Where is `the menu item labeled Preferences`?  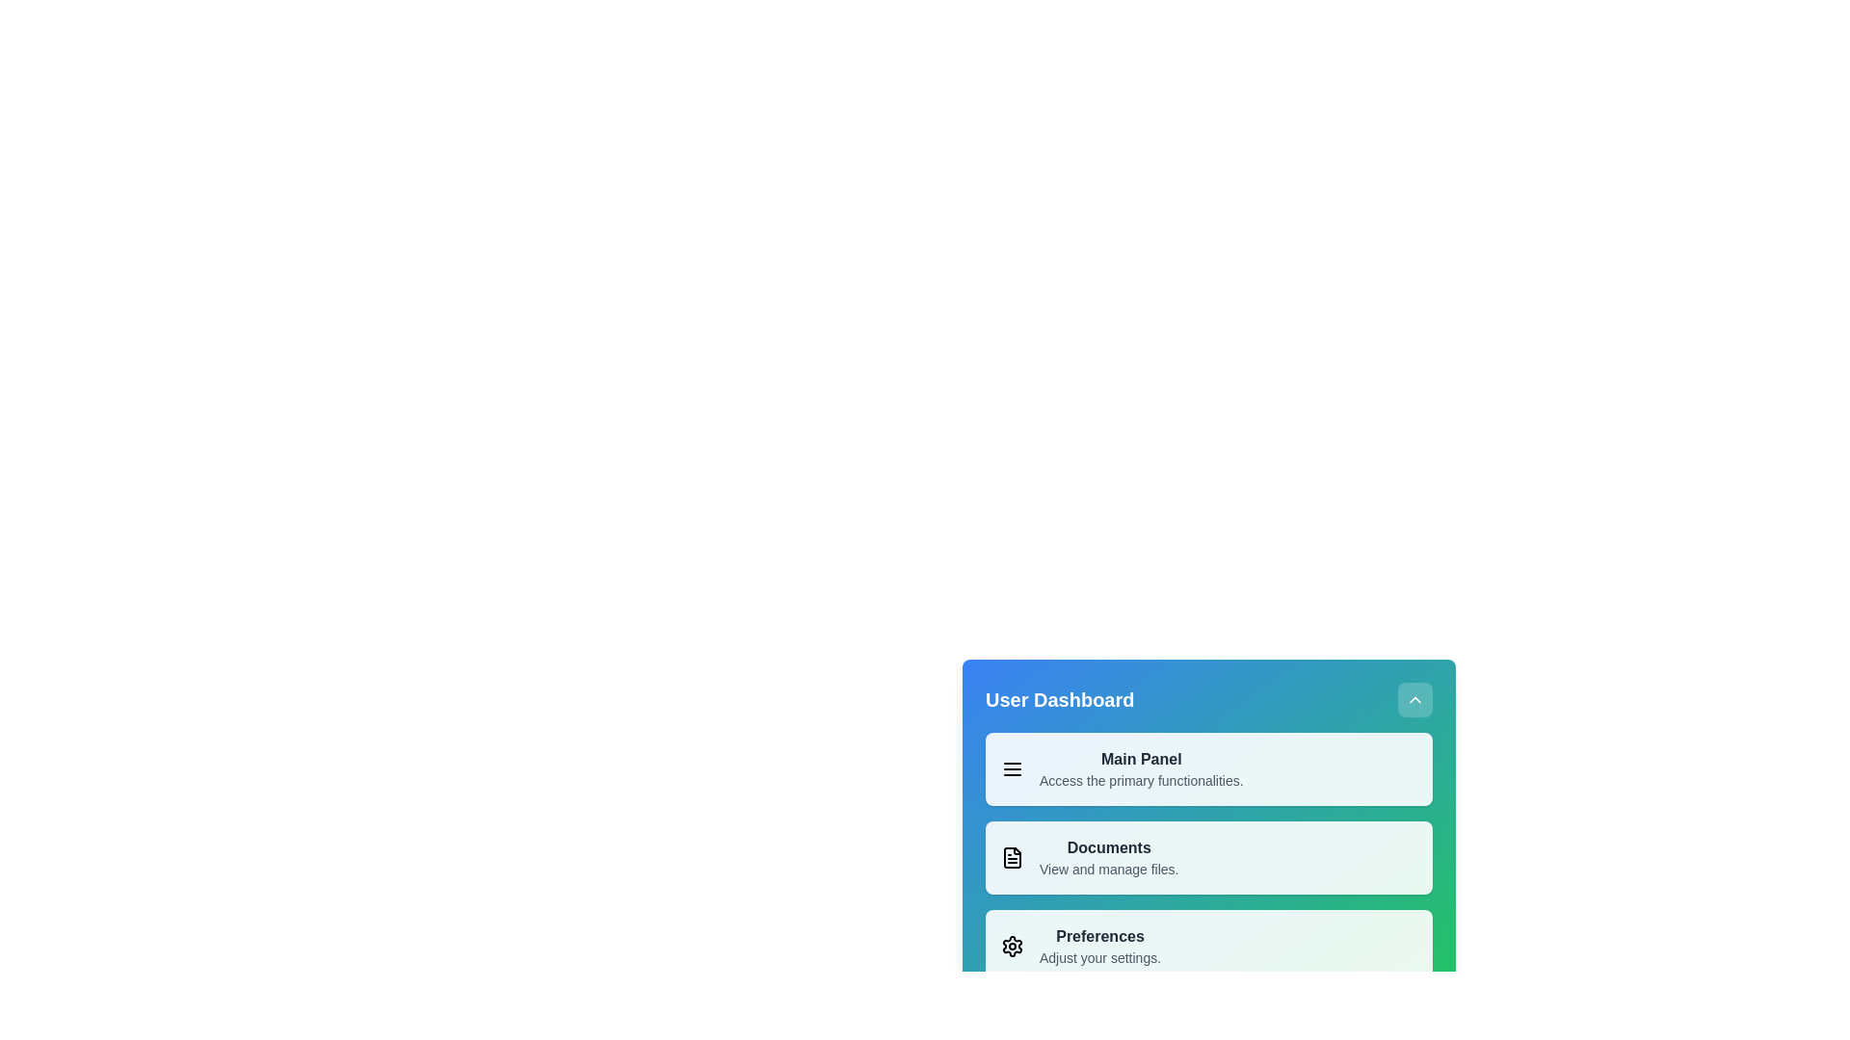
the menu item labeled Preferences is located at coordinates (1207, 946).